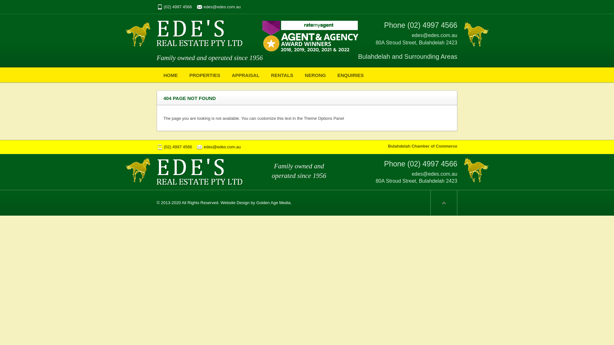 The height and width of the screenshot is (345, 614). What do you see at coordinates (422, 146) in the screenshot?
I see `'Bulahdelah Chamber of Commerce'` at bounding box center [422, 146].